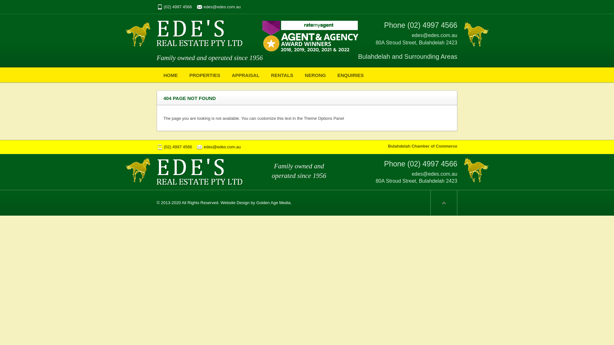 The height and width of the screenshot is (345, 614). What do you see at coordinates (422, 146) in the screenshot?
I see `'Bulahdelah Chamber of Commerce'` at bounding box center [422, 146].